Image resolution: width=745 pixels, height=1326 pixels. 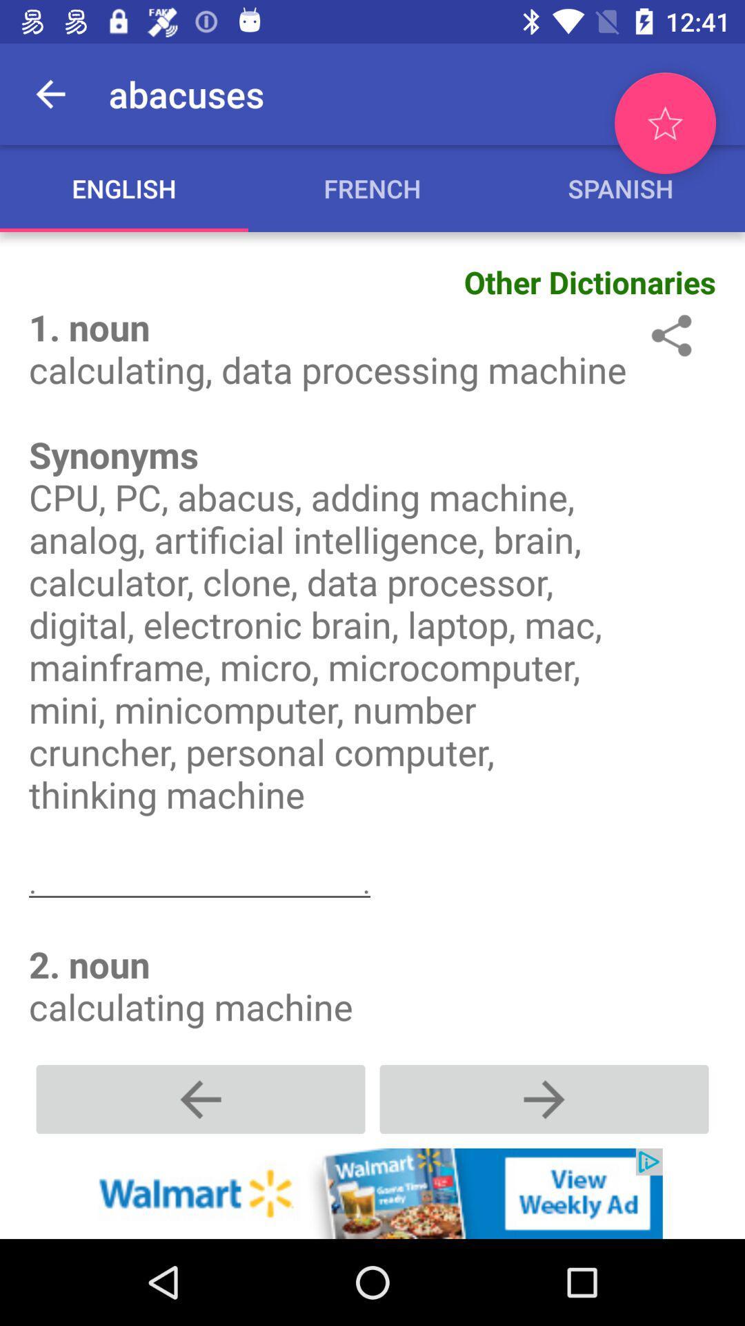 What do you see at coordinates (544, 1098) in the screenshot?
I see `the add icon` at bounding box center [544, 1098].